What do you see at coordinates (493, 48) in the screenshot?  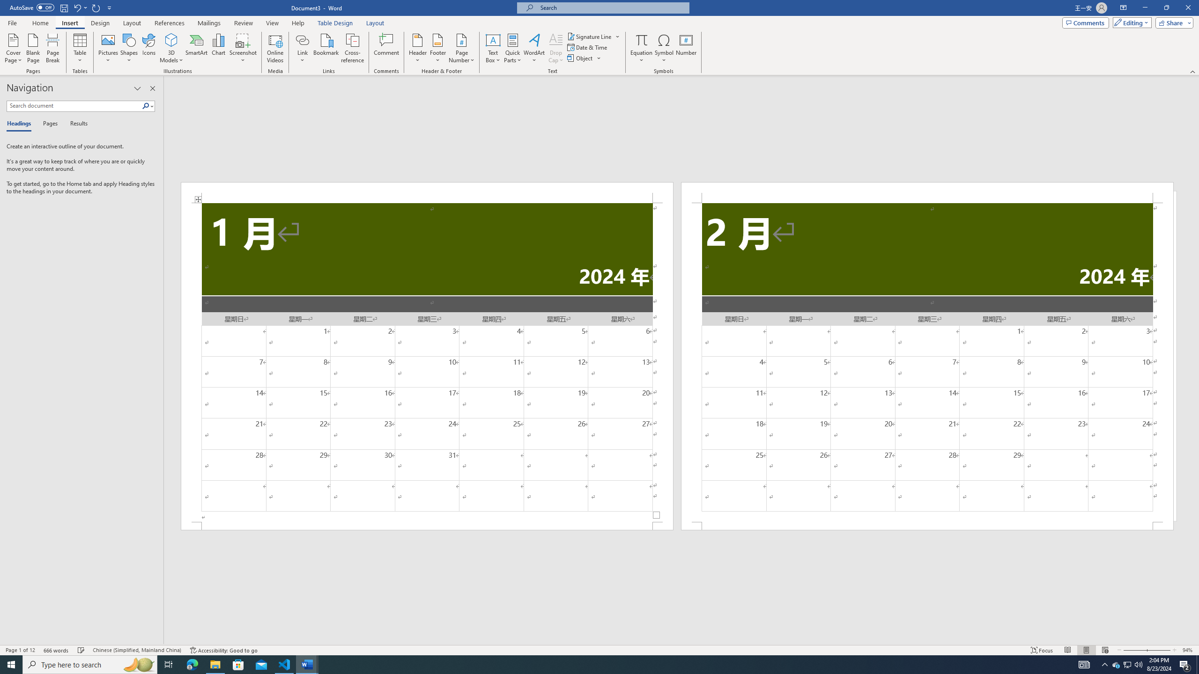 I see `'Text Box'` at bounding box center [493, 48].